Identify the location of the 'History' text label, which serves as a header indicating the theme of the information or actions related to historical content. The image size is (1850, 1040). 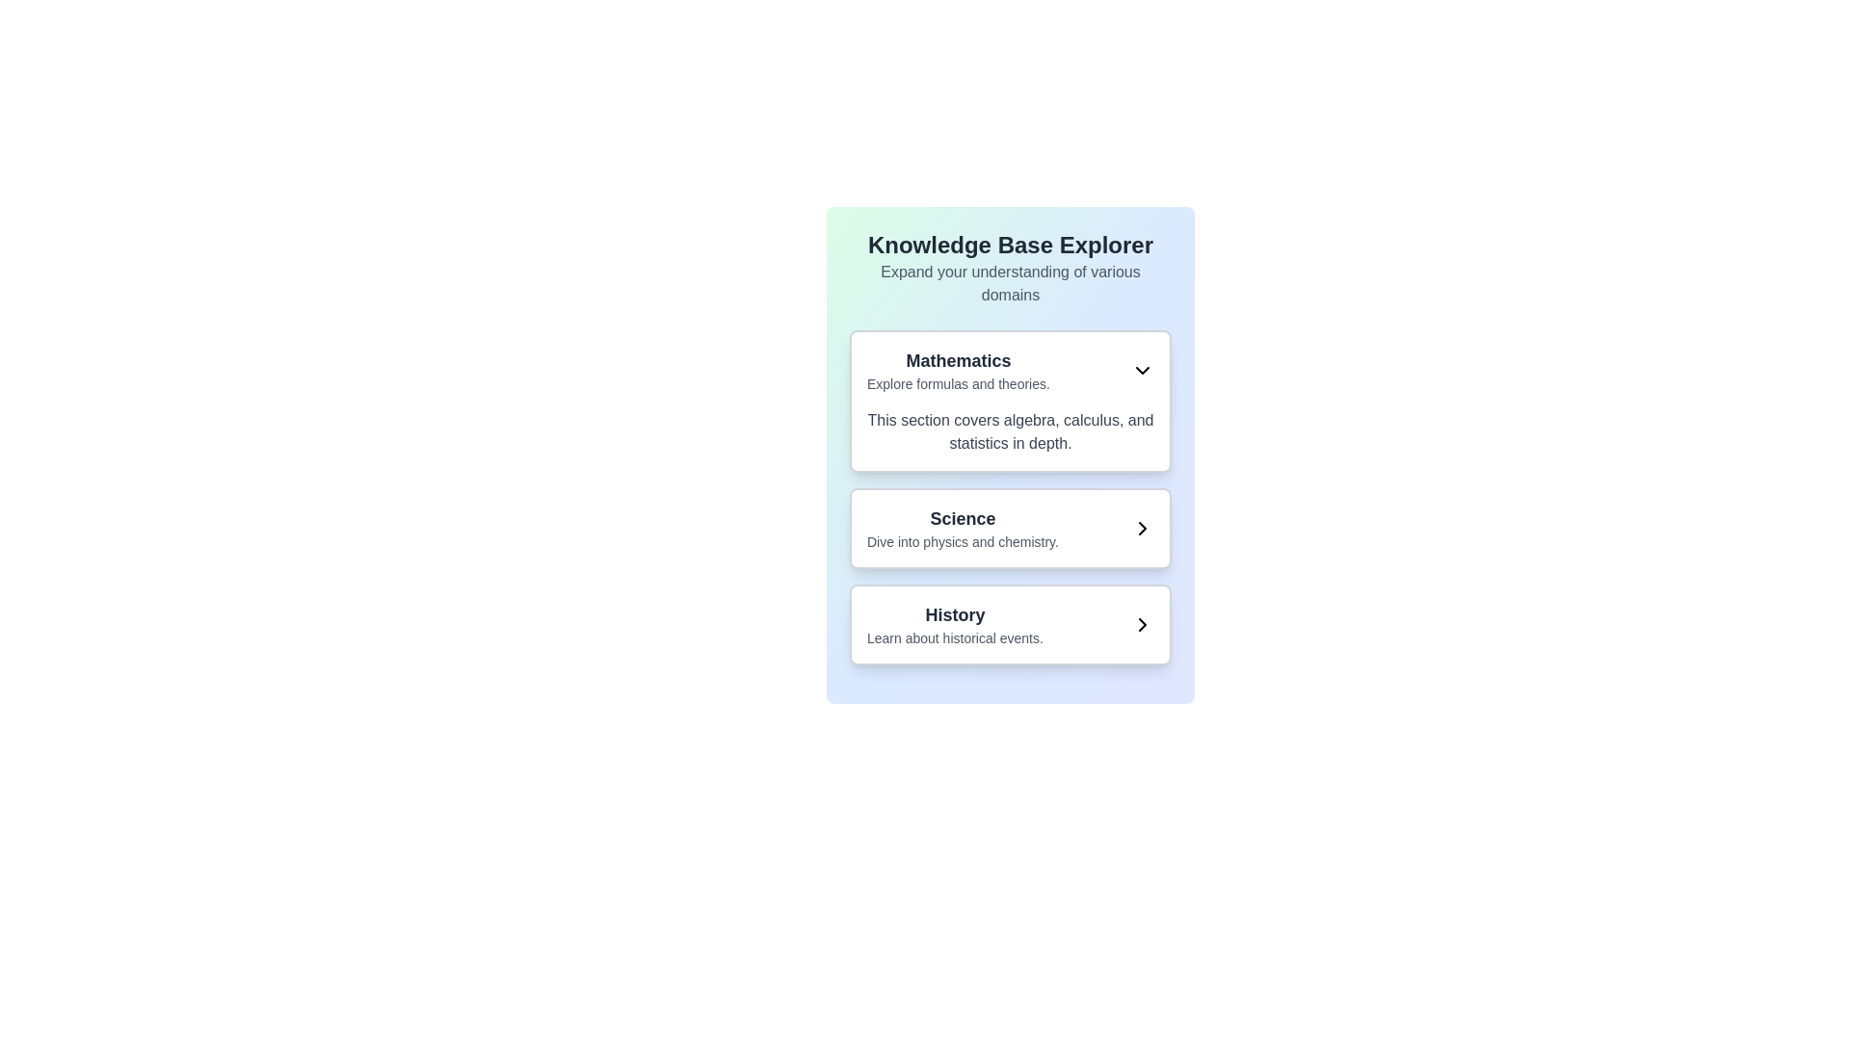
(955, 615).